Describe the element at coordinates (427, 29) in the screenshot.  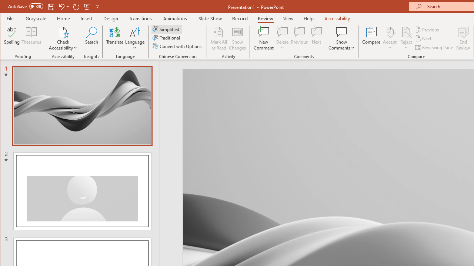
I see `'Previous'` at that location.